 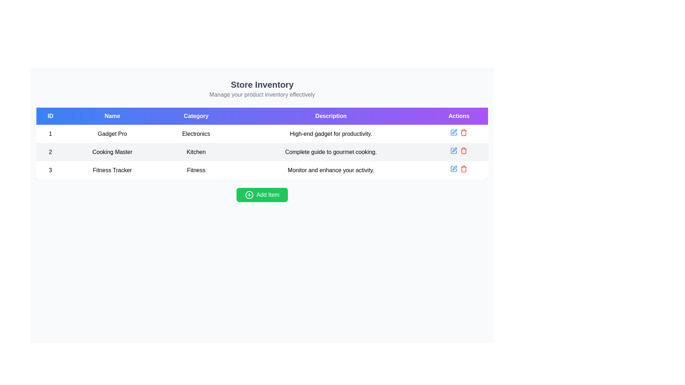 What do you see at coordinates (50, 170) in the screenshot?
I see `the Text Label indicating the unique identifier for the third entry in the table, located in the first cell of the third row of the 'ID' column` at bounding box center [50, 170].